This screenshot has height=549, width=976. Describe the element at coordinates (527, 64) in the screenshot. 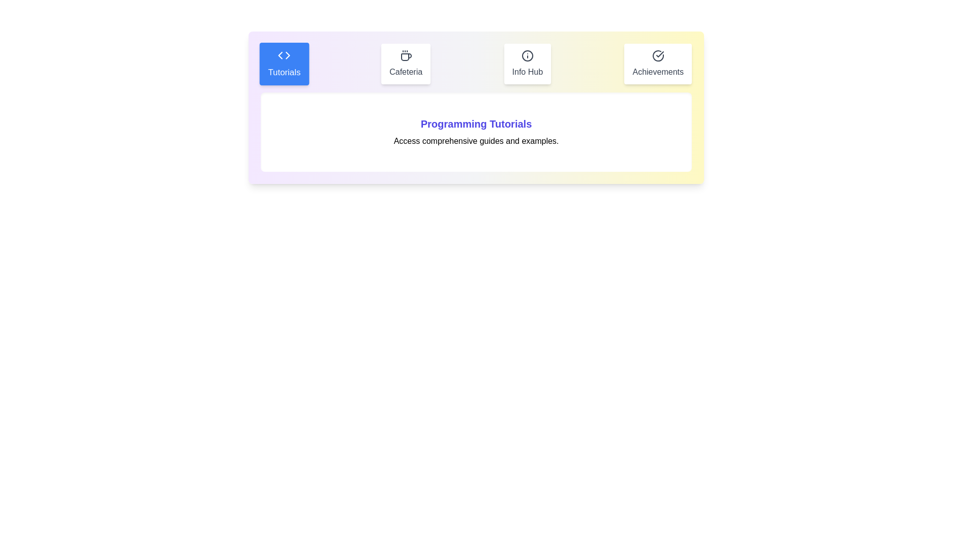

I see `the Info Hub tab to view its content` at that location.